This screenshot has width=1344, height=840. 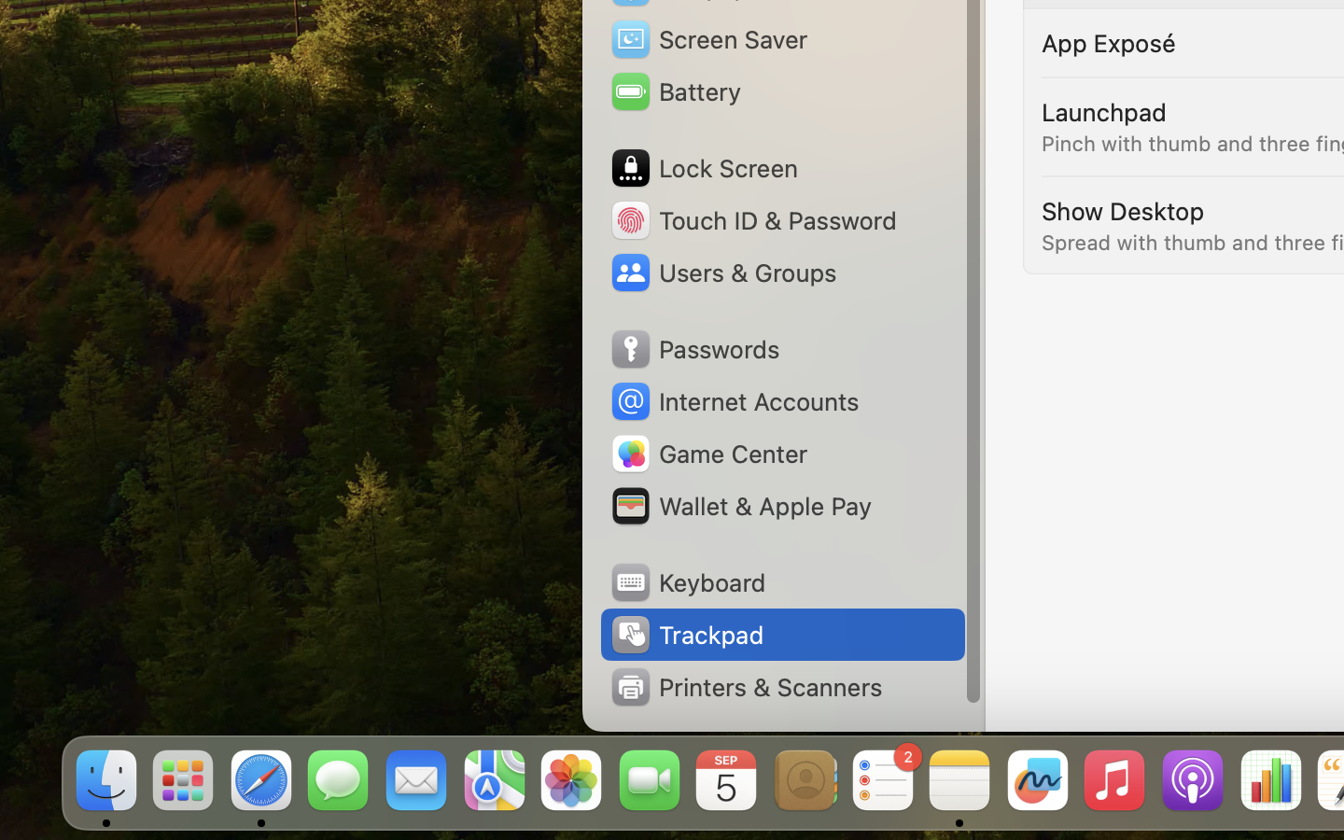 I want to click on 'App Exposé', so click(x=1109, y=41).